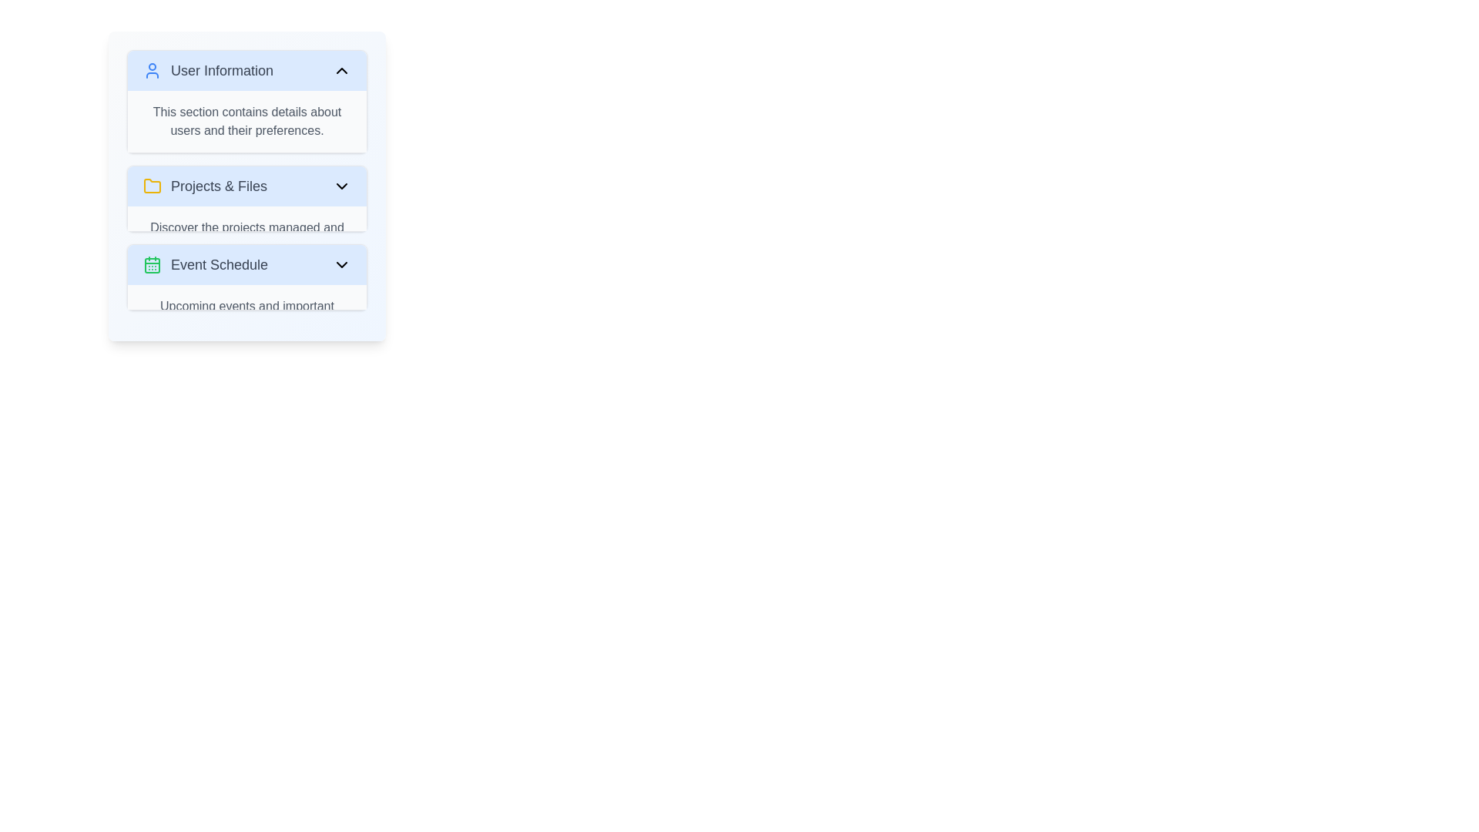  I want to click on the rectangular button with a light blue background labeled 'Projects & Files', so click(247, 186).